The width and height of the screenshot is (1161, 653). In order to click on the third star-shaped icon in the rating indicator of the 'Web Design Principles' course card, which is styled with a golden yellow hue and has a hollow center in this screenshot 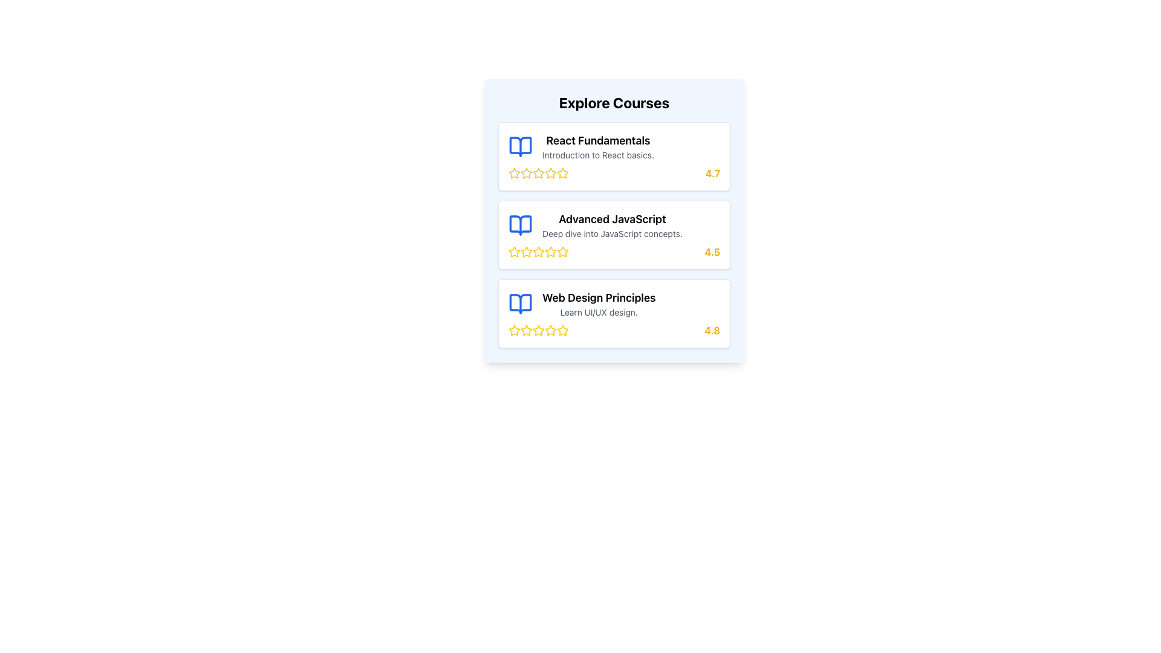, I will do `click(538, 331)`.